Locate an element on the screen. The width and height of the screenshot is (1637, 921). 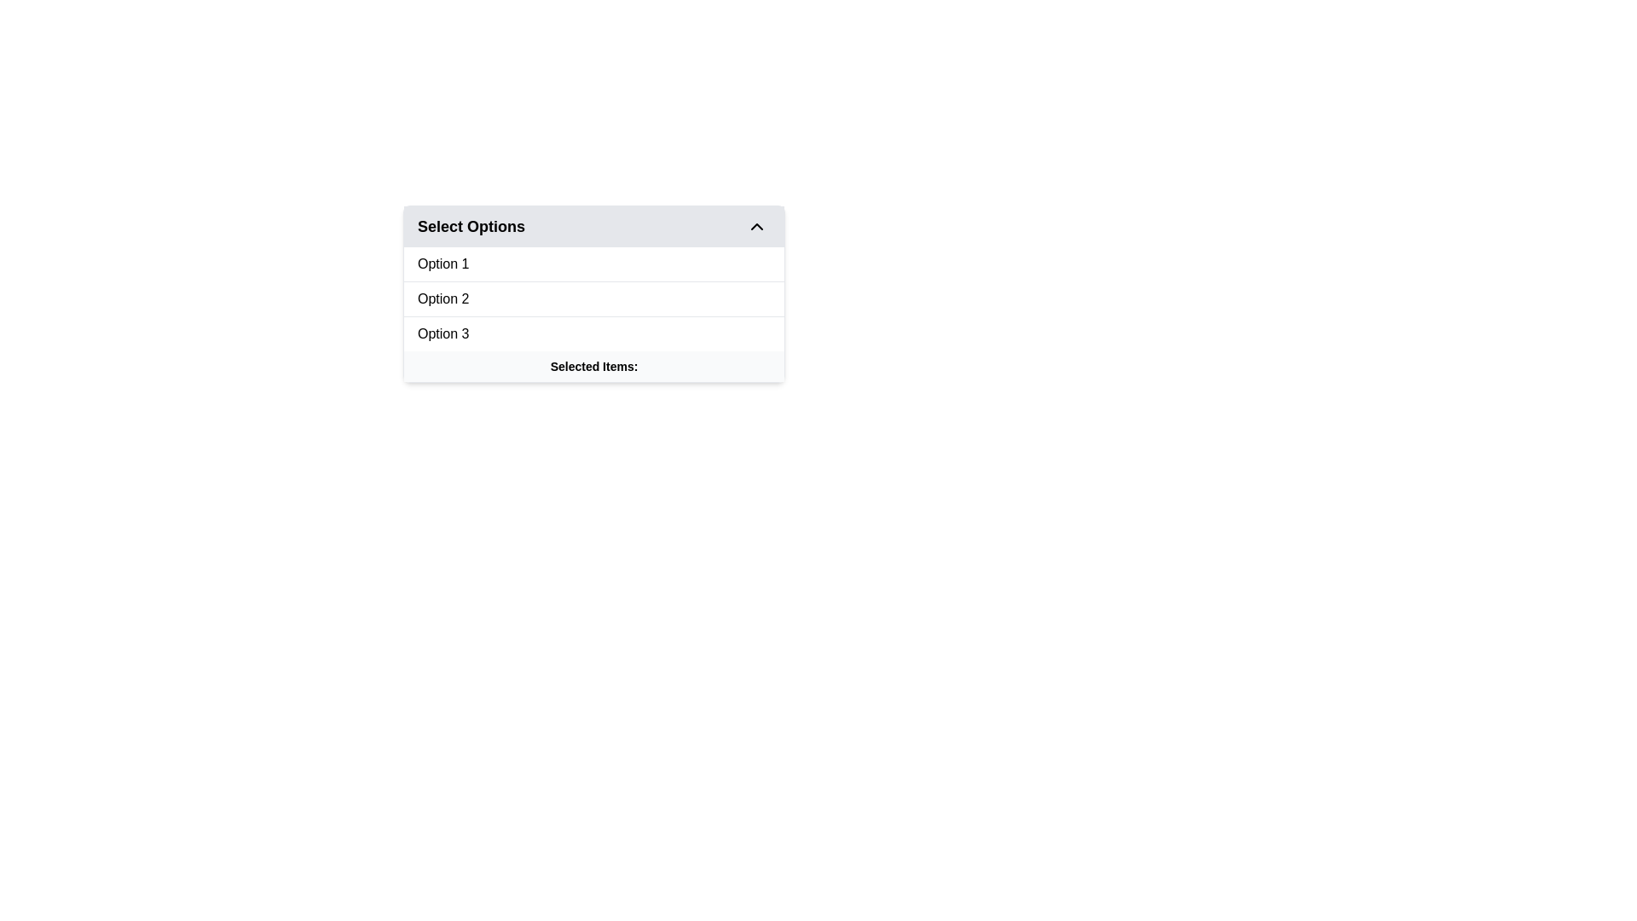
the dropdown menu item 'Option 2' is located at coordinates (443, 298).